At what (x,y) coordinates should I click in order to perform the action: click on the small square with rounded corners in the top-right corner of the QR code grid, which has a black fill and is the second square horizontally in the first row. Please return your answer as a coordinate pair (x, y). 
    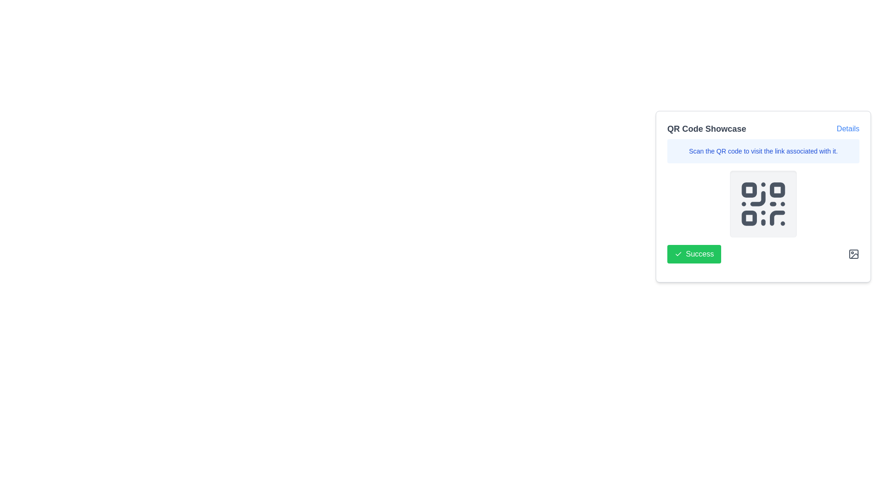
    Looking at the image, I should click on (777, 189).